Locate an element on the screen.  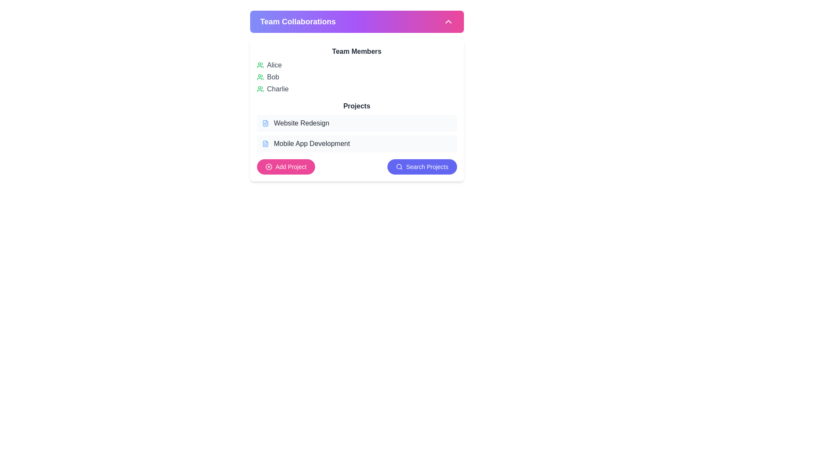
the text label 'Mobile App Development' which is styled in gray (#444) and positioned next to a document icon in the 'Projects' section of the 'Team Collaborations' card is located at coordinates (311, 143).